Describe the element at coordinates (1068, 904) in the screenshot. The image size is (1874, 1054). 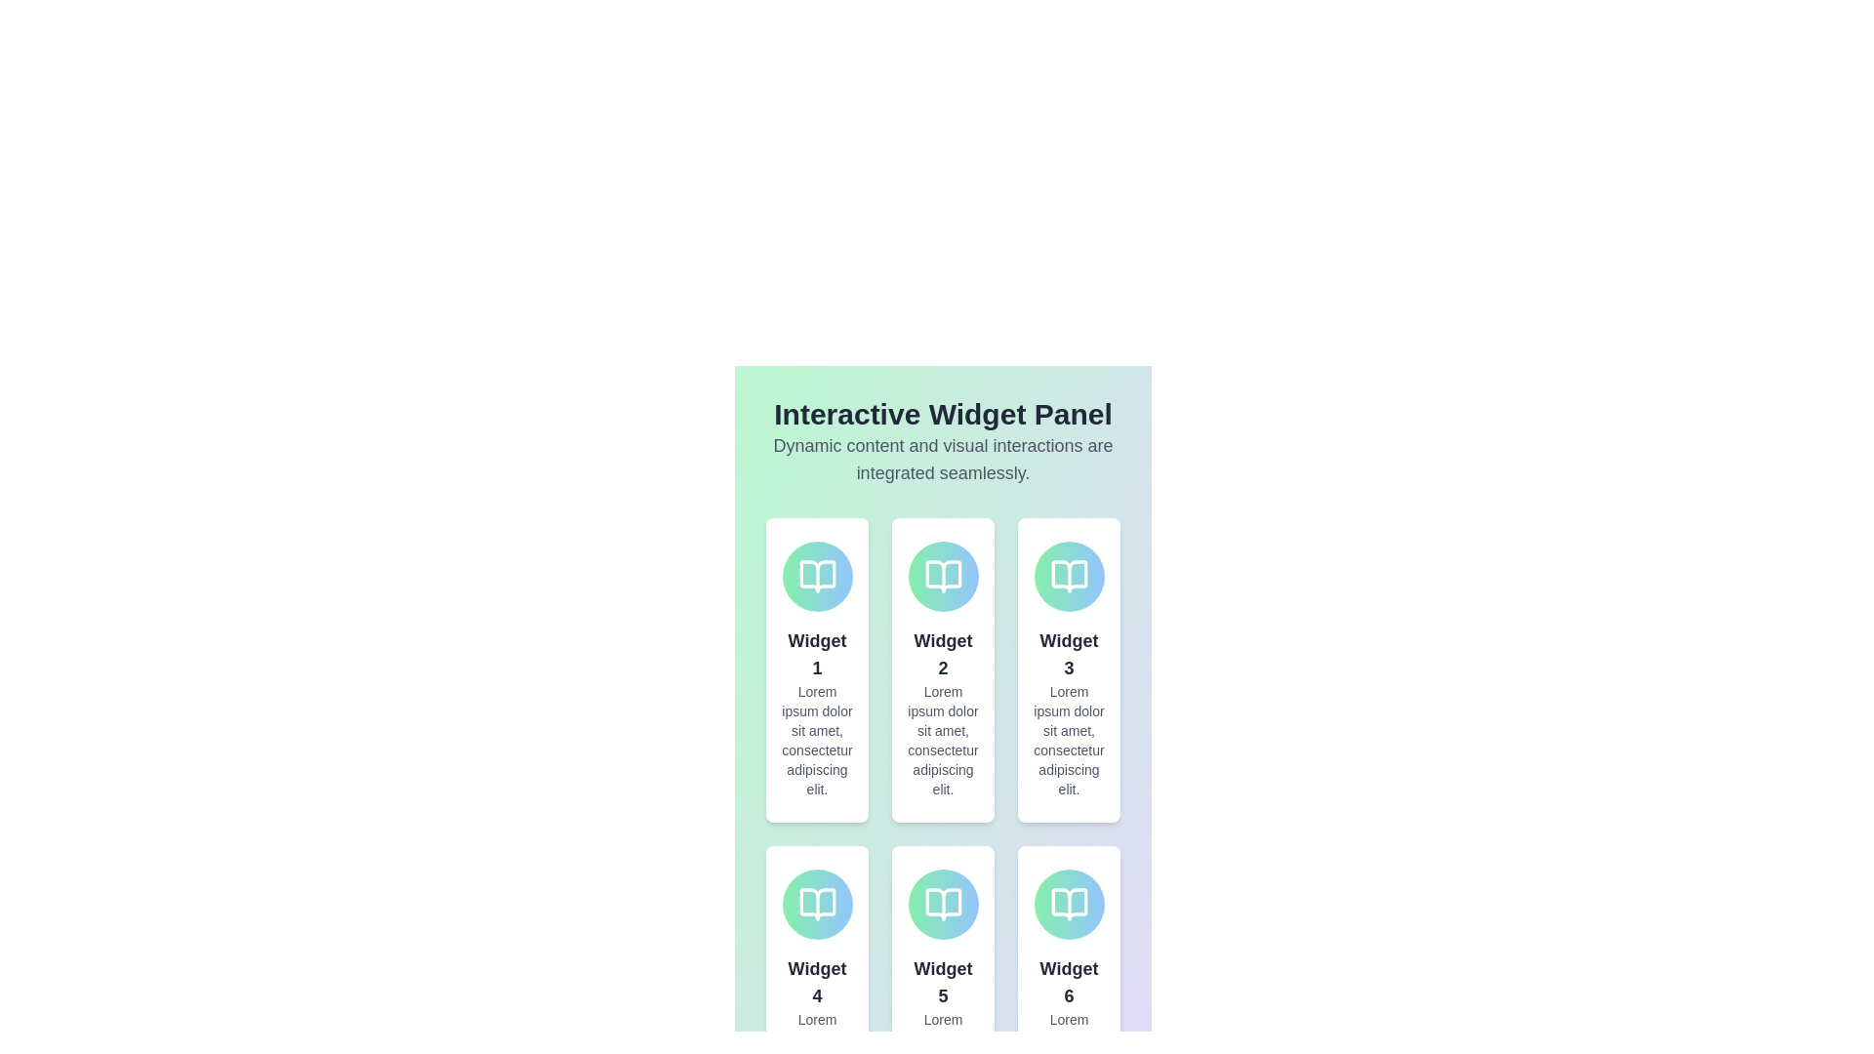
I see `the white book icon with rounded edges, which is centered within the sixth card in the grid layout at the bottom-right corner of the widget panel` at that location.